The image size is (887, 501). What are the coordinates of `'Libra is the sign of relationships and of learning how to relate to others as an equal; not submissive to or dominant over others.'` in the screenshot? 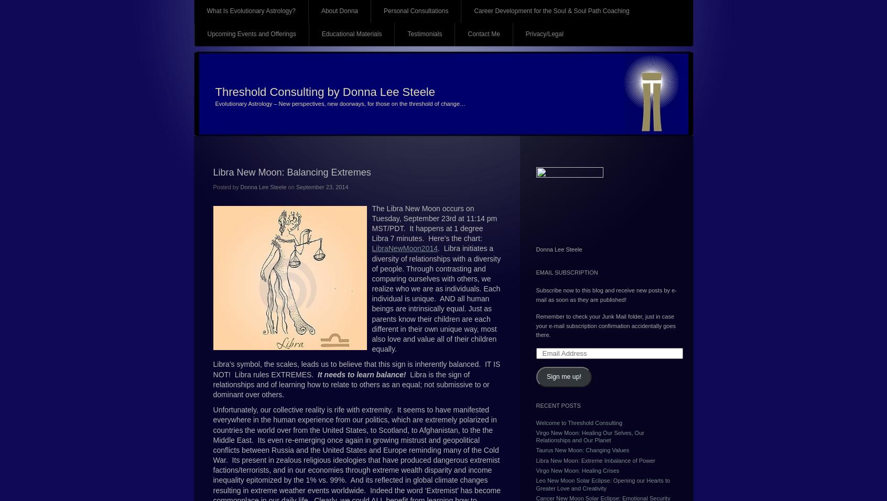 It's located at (351, 383).